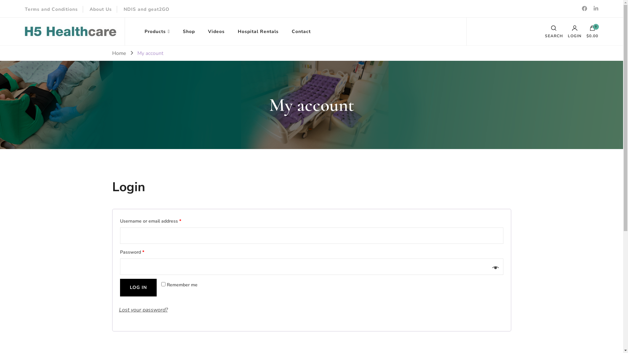 The height and width of the screenshot is (353, 628). What do you see at coordinates (592, 30) in the screenshot?
I see `'0'` at bounding box center [592, 30].